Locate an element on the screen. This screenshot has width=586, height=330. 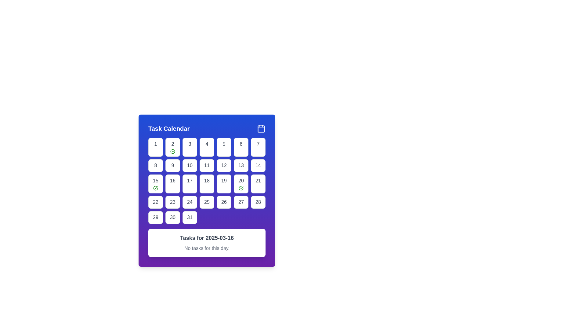
the button-like text element representing the date '28' in the calendar grid is located at coordinates (258, 202).